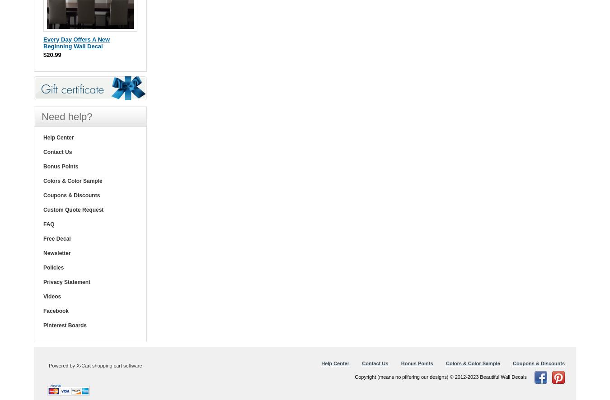  What do you see at coordinates (53, 267) in the screenshot?
I see `'Policies'` at bounding box center [53, 267].